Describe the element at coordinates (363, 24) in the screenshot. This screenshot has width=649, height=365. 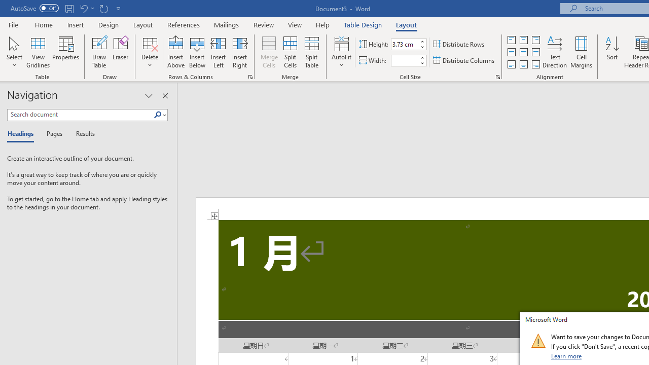
I see `'Table Design'` at that location.